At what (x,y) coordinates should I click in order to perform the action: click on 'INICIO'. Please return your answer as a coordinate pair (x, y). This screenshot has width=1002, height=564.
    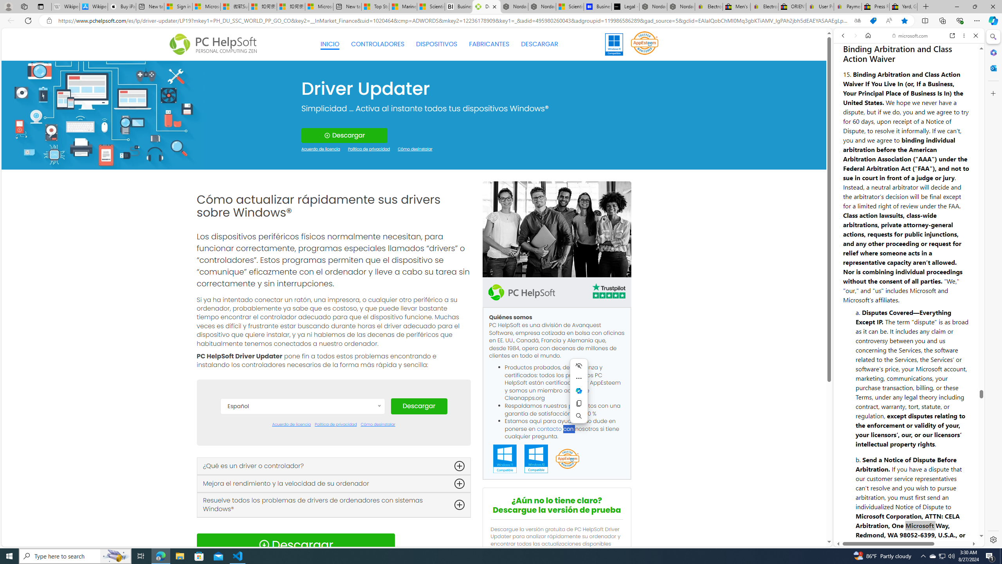
    Looking at the image, I should click on (330, 44).